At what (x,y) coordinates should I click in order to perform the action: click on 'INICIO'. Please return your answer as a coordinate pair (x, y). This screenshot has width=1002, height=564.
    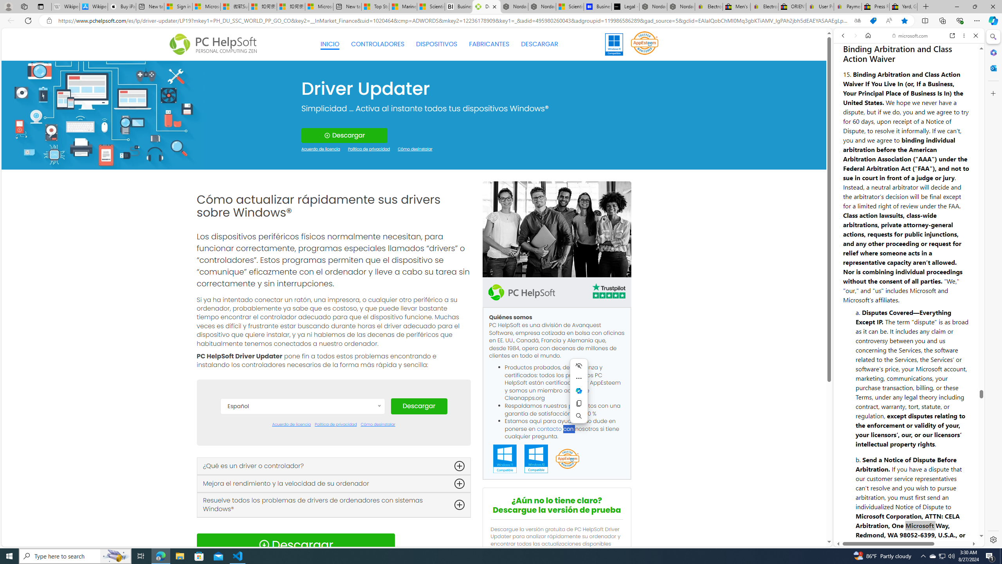
    Looking at the image, I should click on (330, 44).